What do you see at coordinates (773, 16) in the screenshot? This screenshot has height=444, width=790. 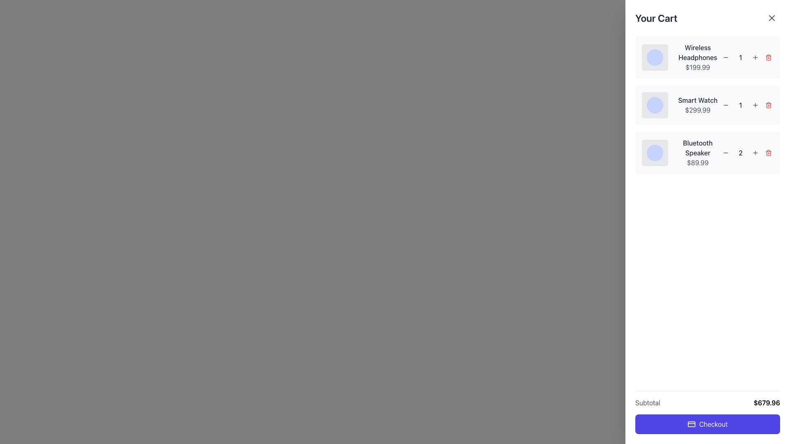 I see `the button located in the top-right corner of the interface` at bounding box center [773, 16].